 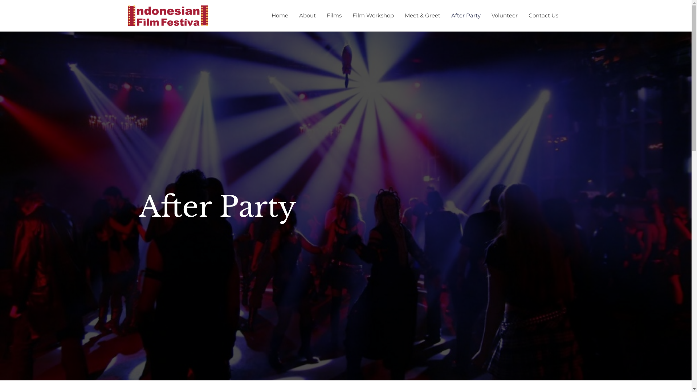 I want to click on 'About', so click(x=307, y=15).